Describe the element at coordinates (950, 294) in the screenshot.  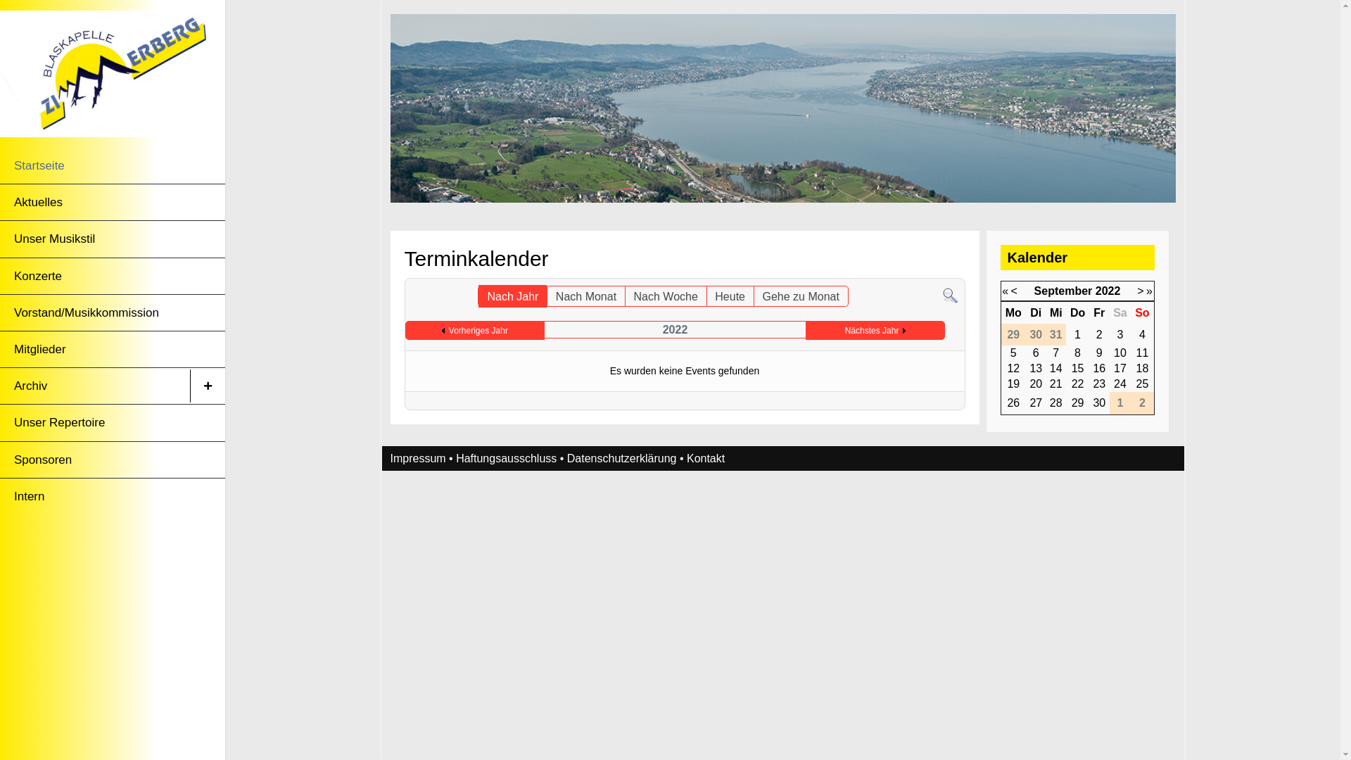
I see `'Suche'` at that location.